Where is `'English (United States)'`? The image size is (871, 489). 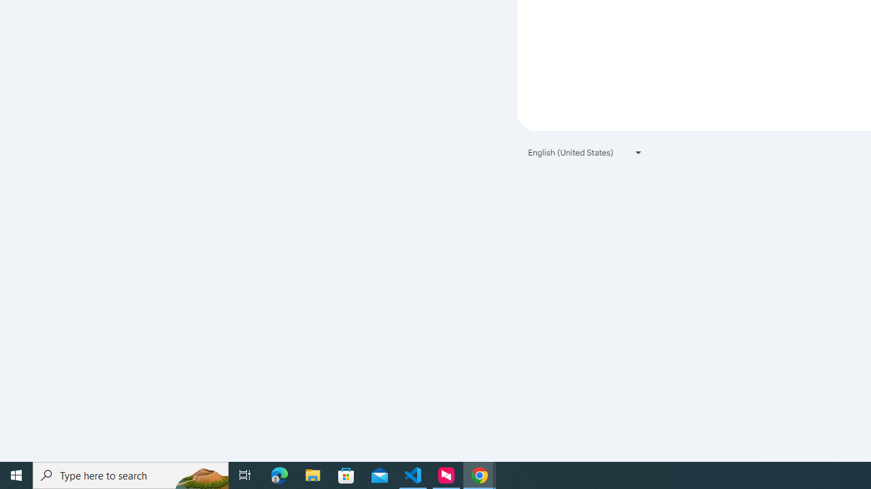
'English (United States)' is located at coordinates (585, 152).